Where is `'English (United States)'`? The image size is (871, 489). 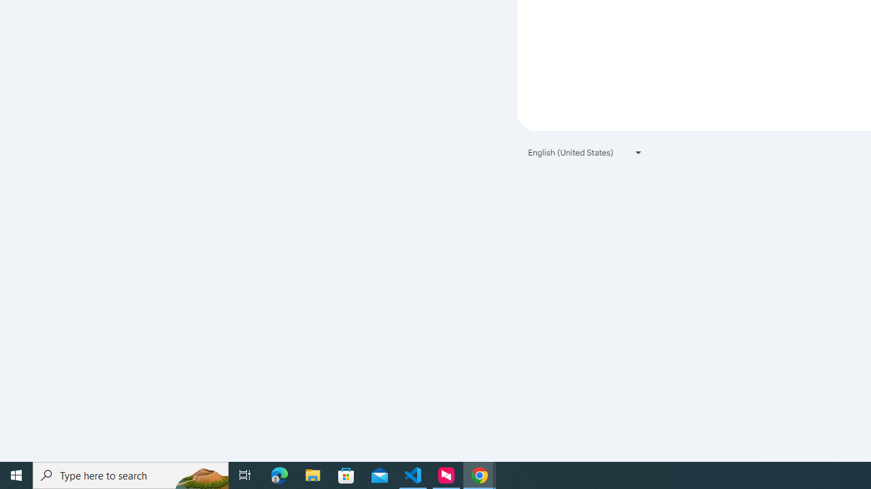
'English (United States)' is located at coordinates (585, 152).